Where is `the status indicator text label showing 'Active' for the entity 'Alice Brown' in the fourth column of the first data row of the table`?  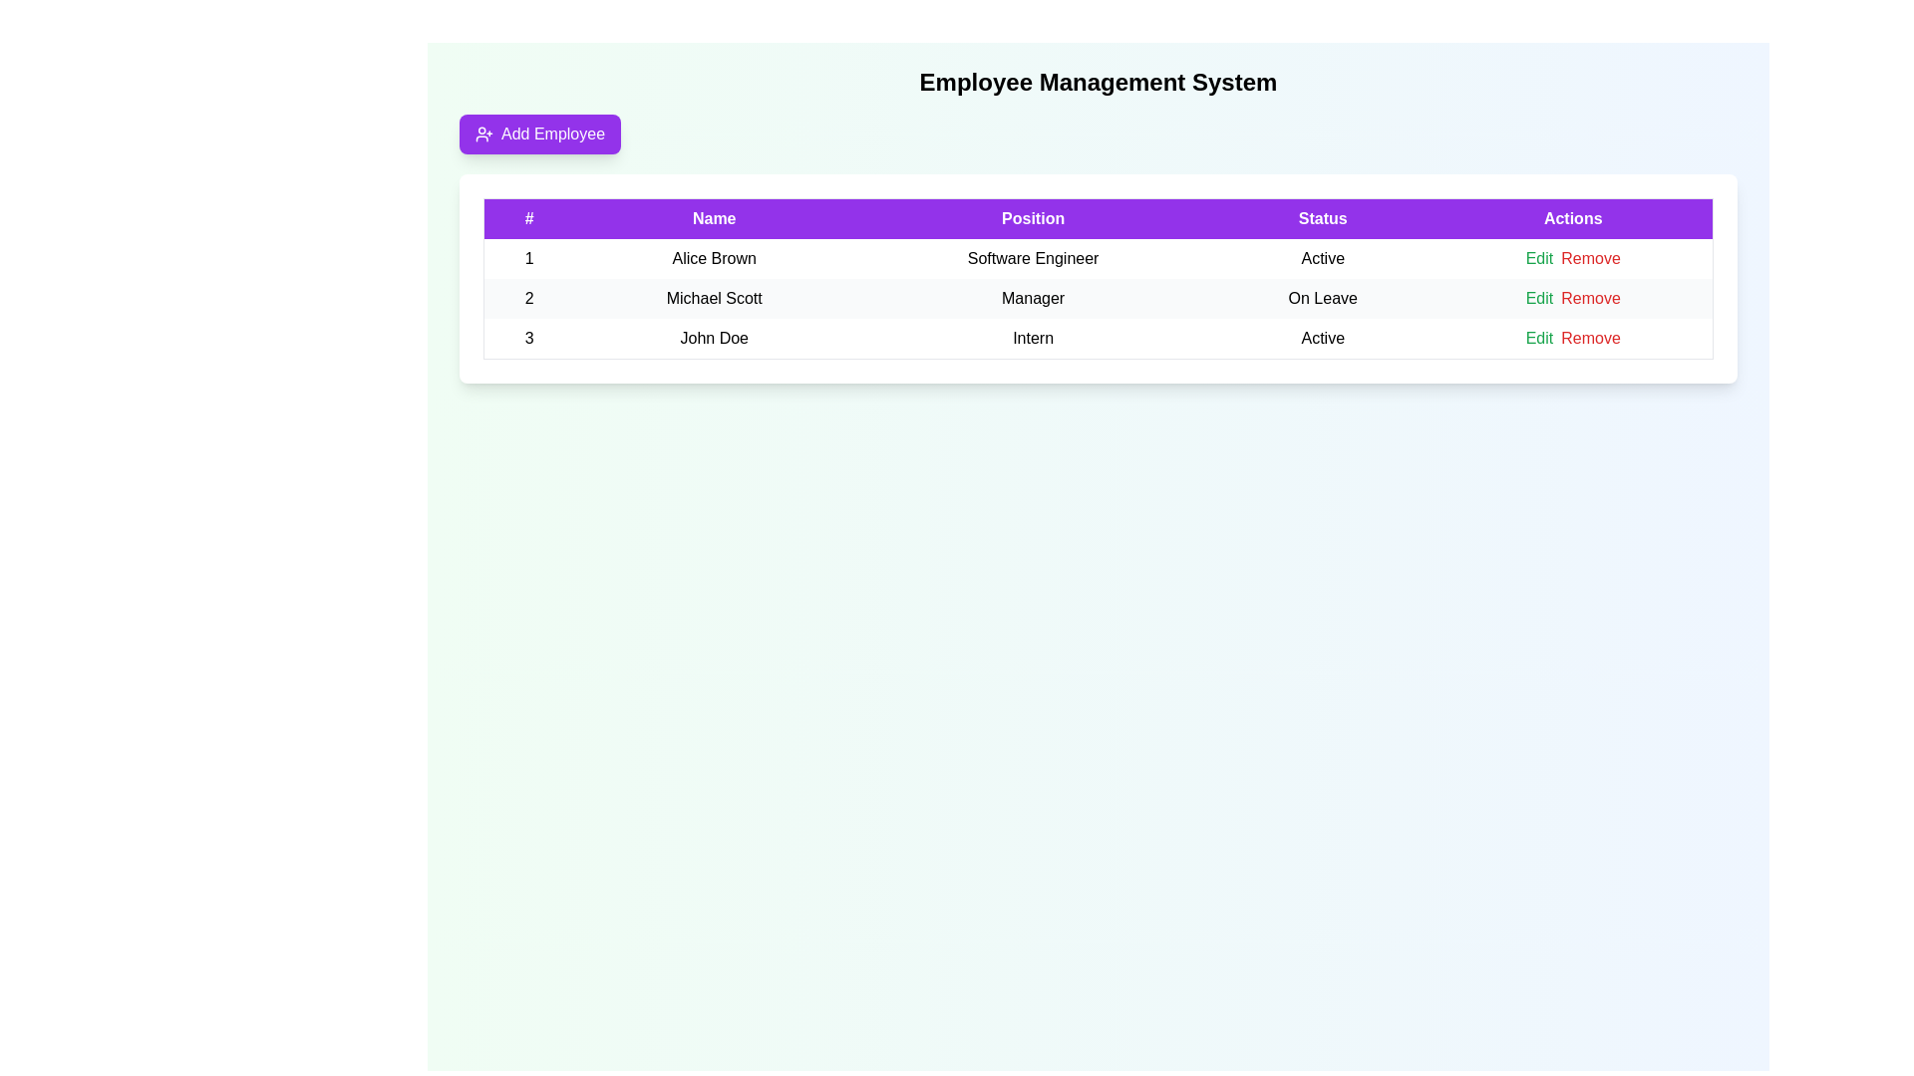 the status indicator text label showing 'Active' for the entity 'Alice Brown' in the fourth column of the first data row of the table is located at coordinates (1323, 257).